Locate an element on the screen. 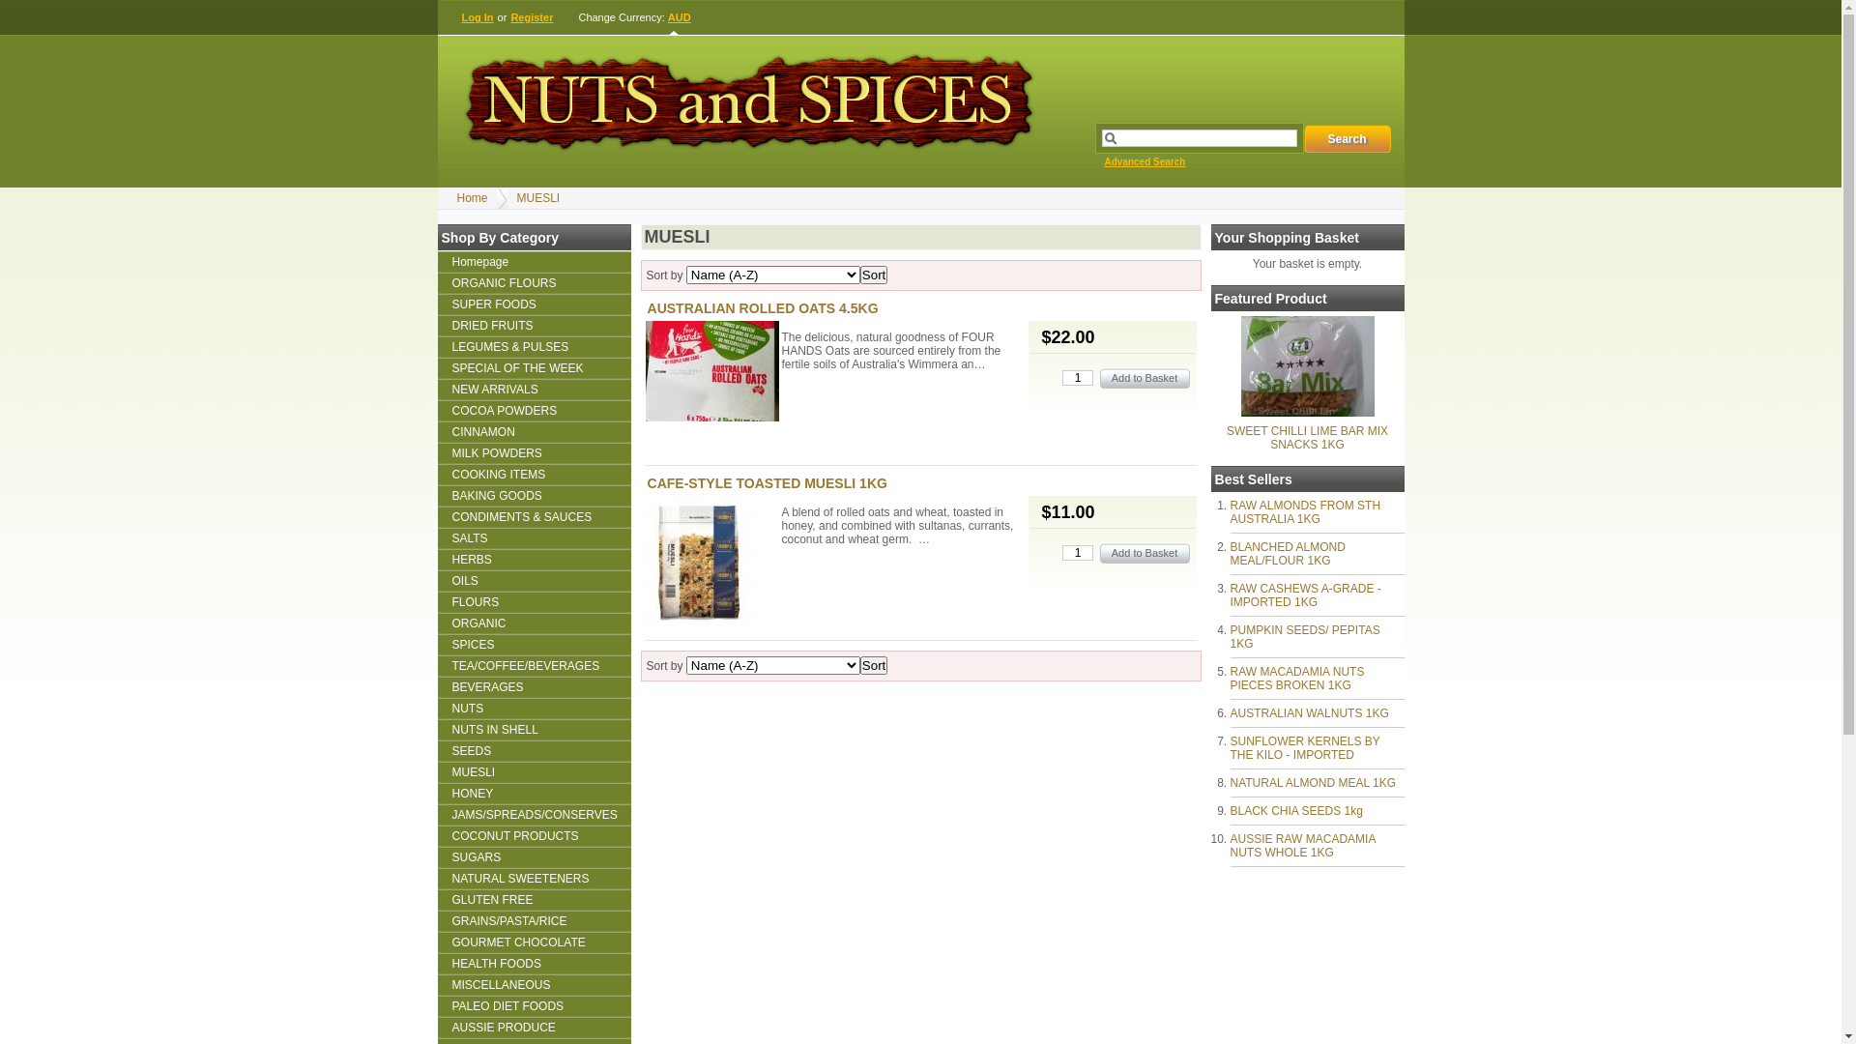  'RAW CASHEWS A-GRADE - IMPORTED 1KG' is located at coordinates (1304, 594).